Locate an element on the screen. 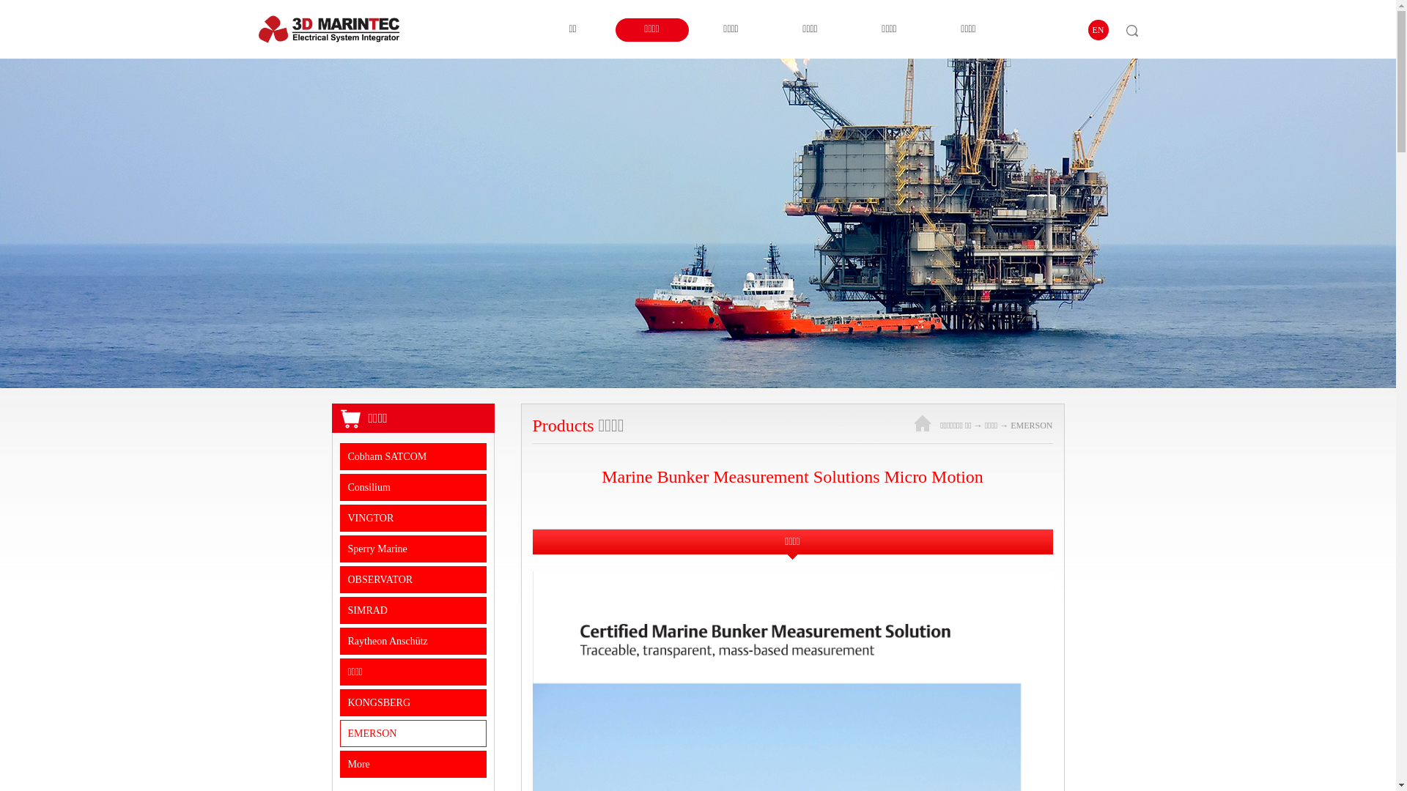 The width and height of the screenshot is (1407, 791). 'More' is located at coordinates (413, 763).